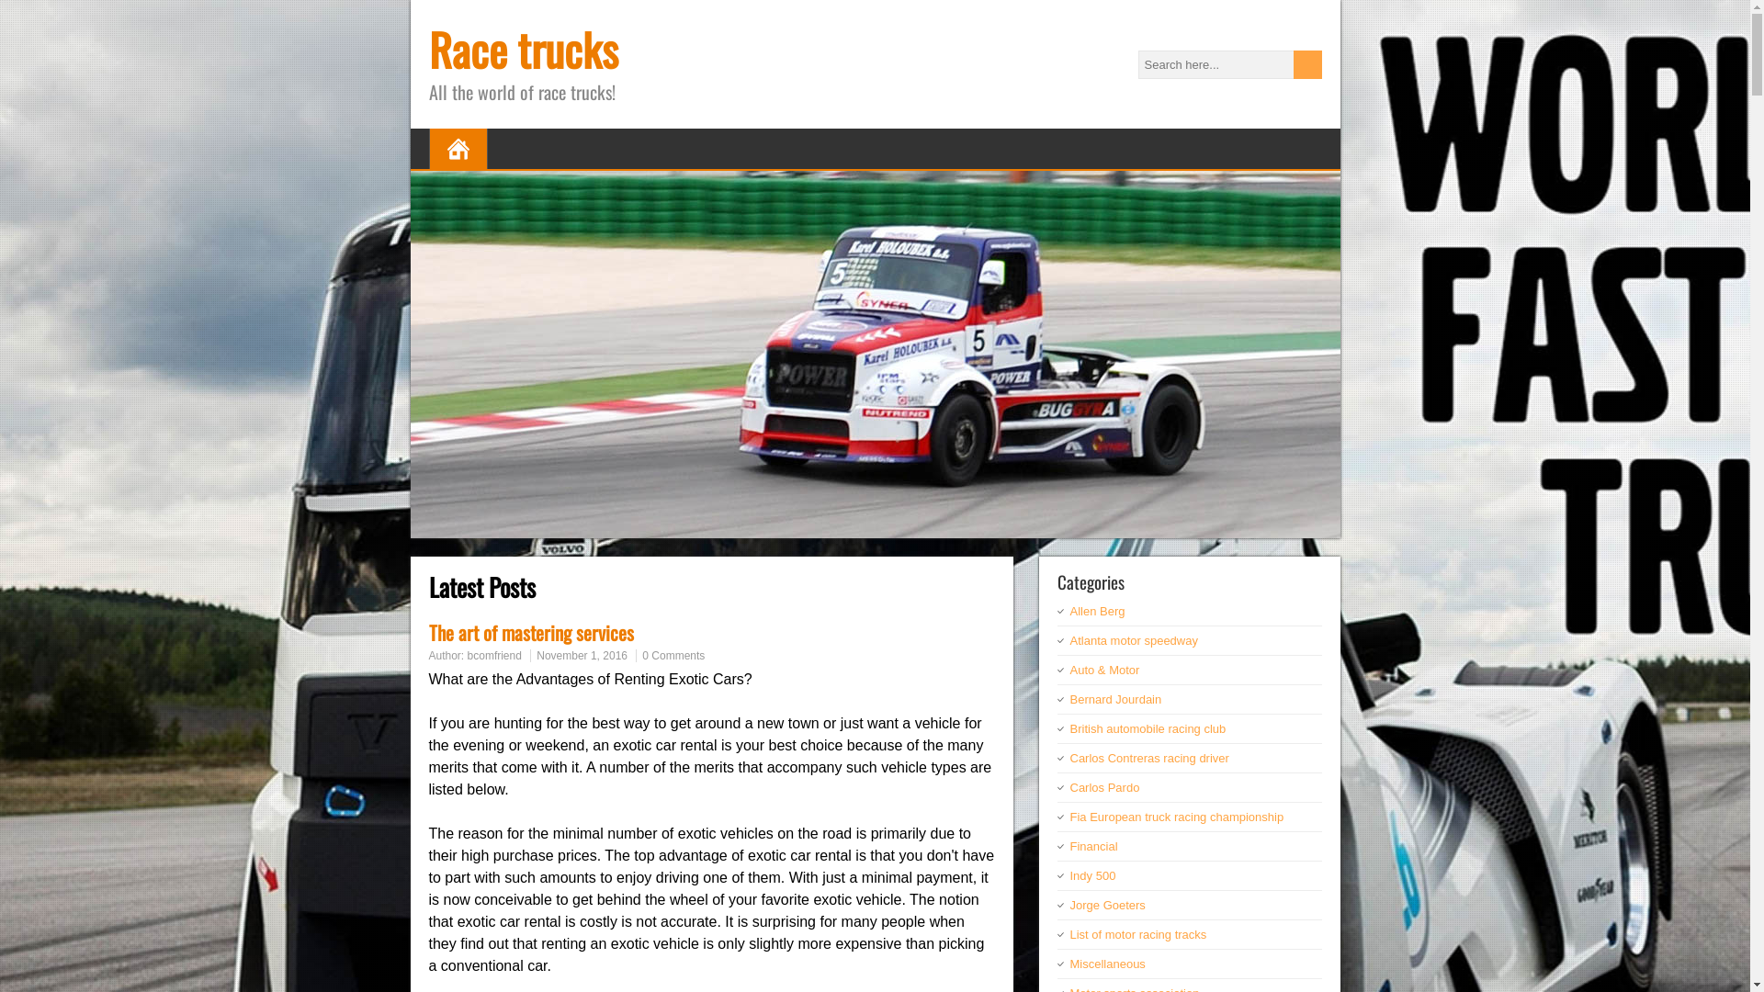 This screenshot has width=1764, height=992. I want to click on 'Atlanta motor speedway', so click(1069, 639).